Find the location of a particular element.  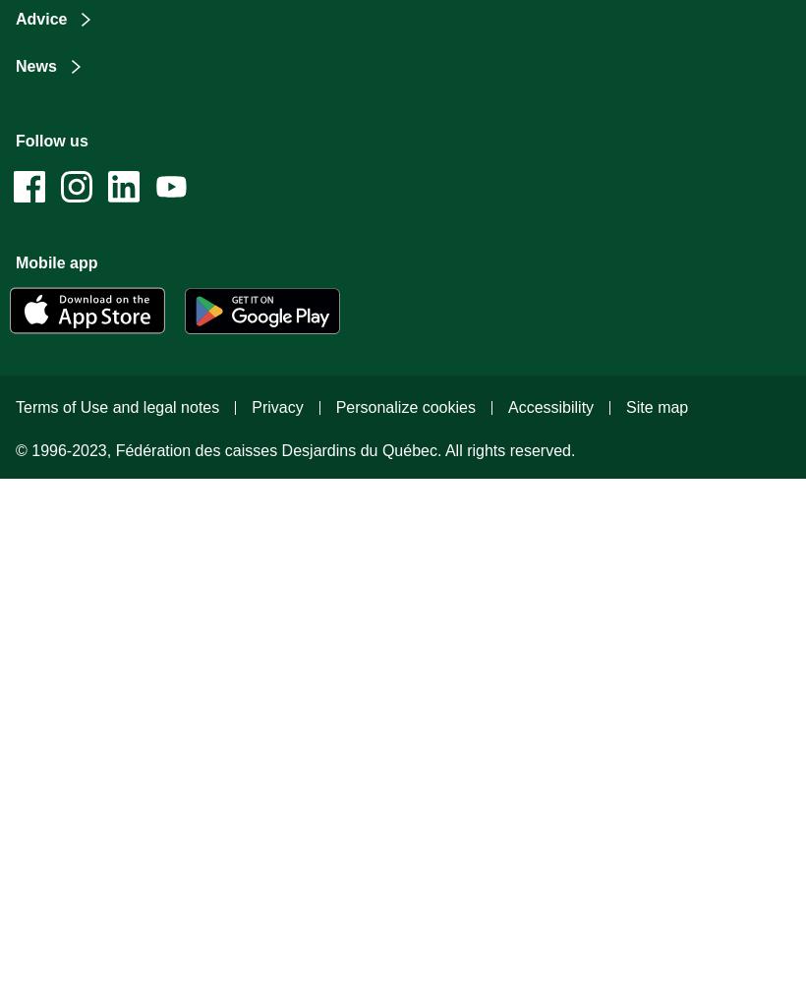

'Personalize cookies' is located at coordinates (403, 406).